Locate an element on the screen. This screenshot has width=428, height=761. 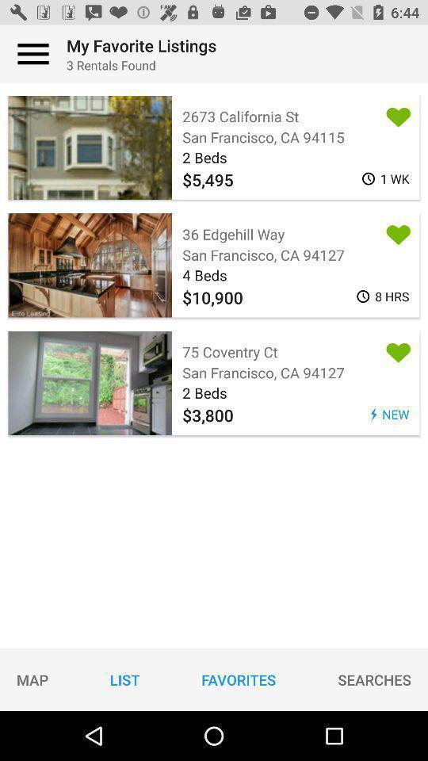
icon to the left of the list item is located at coordinates (32, 679).